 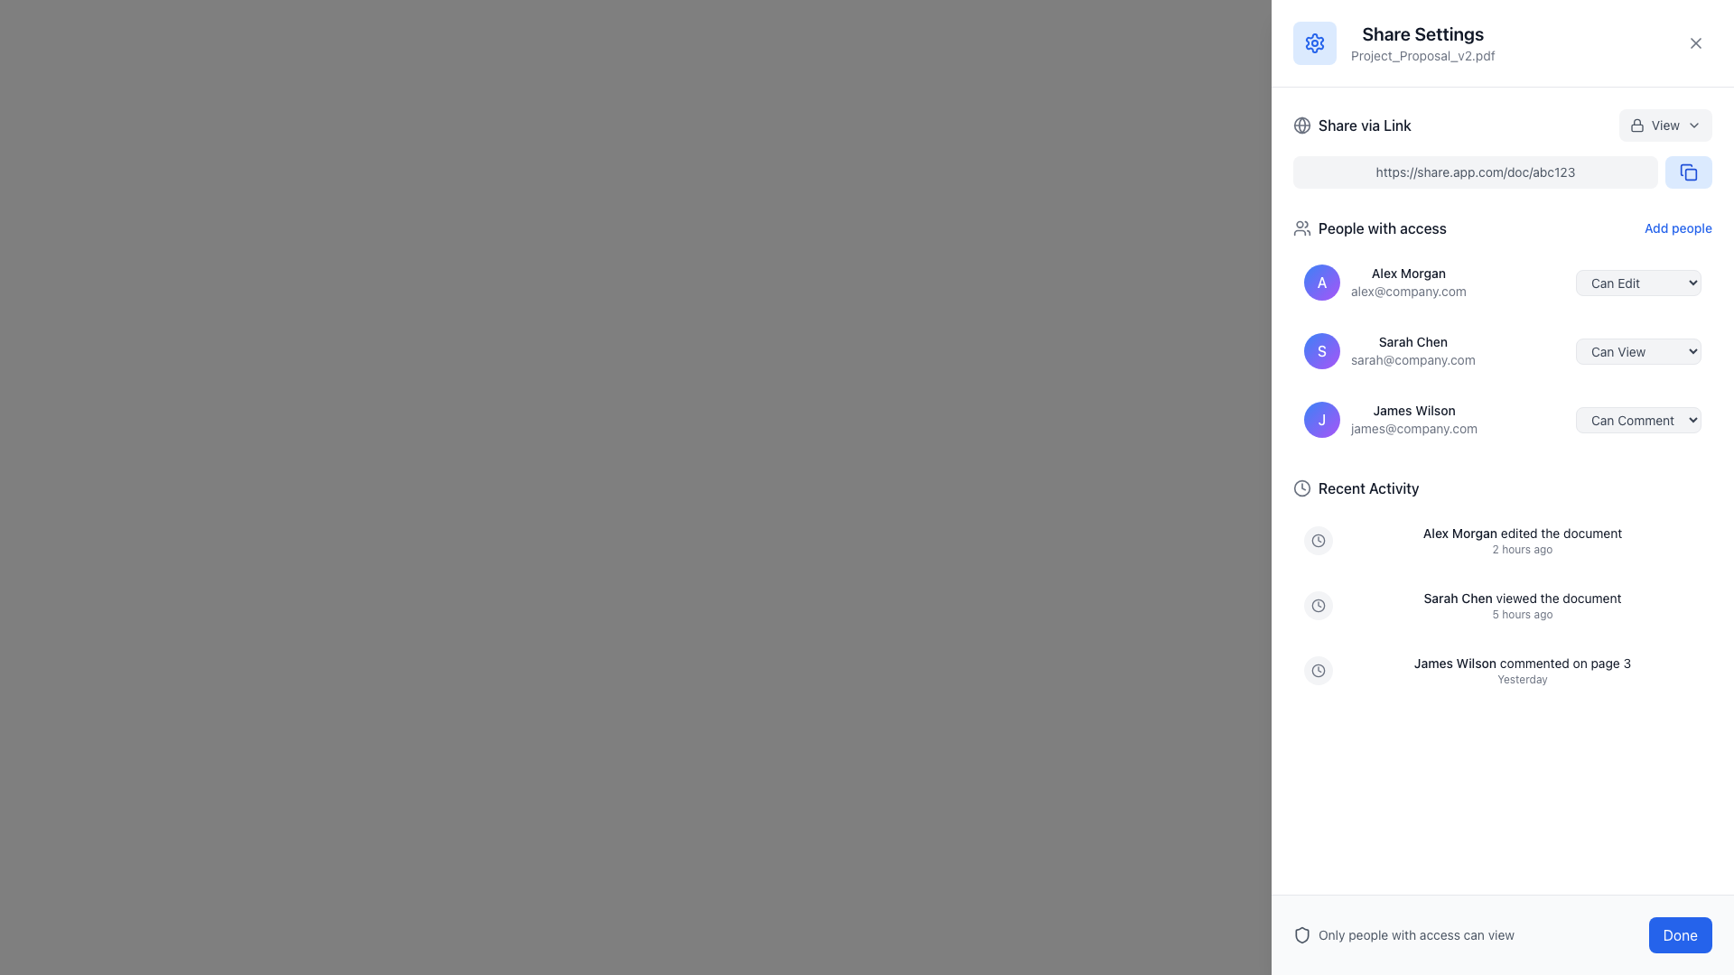 I want to click on the Profile badge representing the user 'James Wilson', so click(x=1322, y=420).